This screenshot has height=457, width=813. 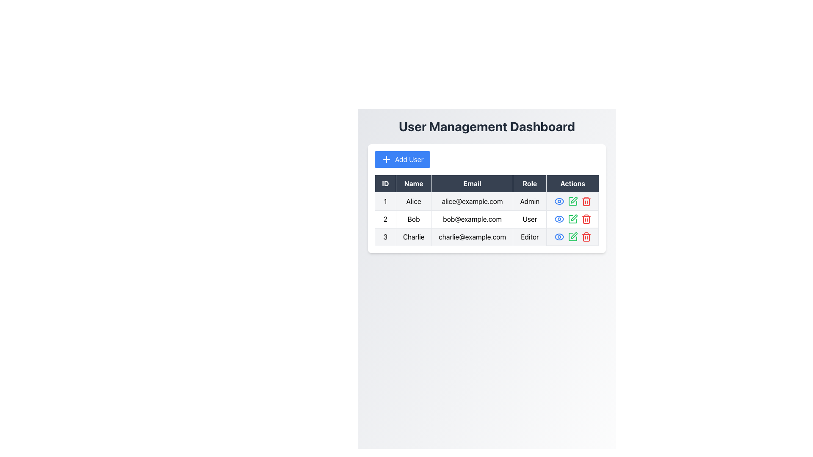 I want to click on the header label for the user roles column in the table, which is positioned between the 'Email' and 'Actions' labels, so click(x=529, y=183).